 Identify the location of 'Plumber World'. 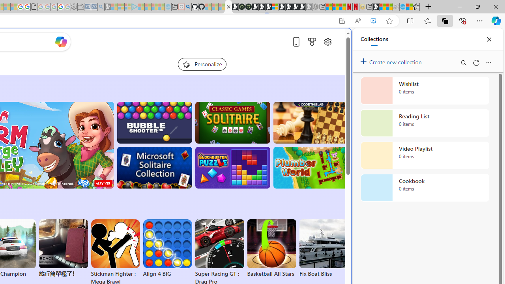
(310, 167).